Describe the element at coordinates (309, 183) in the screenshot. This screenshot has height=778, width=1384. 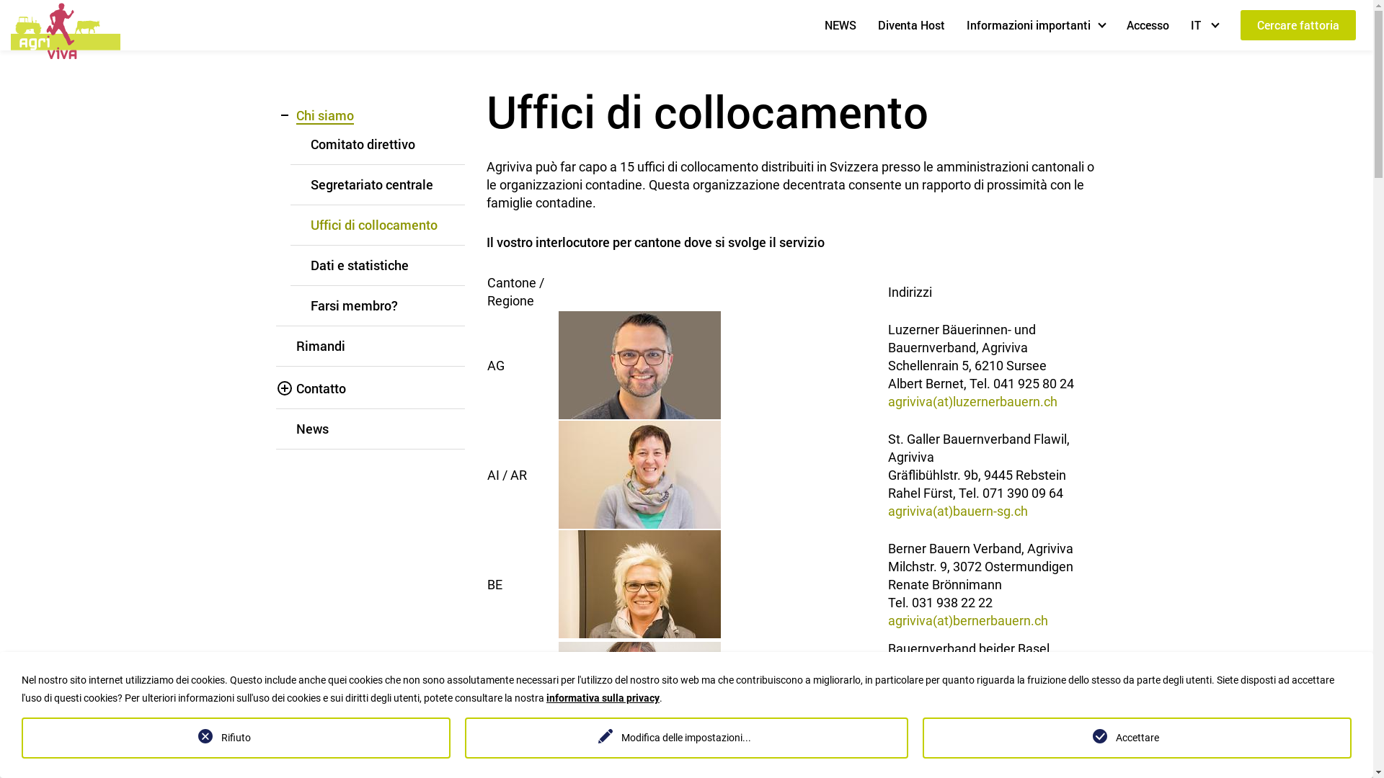
I see `'Segretariato centrale'` at that location.